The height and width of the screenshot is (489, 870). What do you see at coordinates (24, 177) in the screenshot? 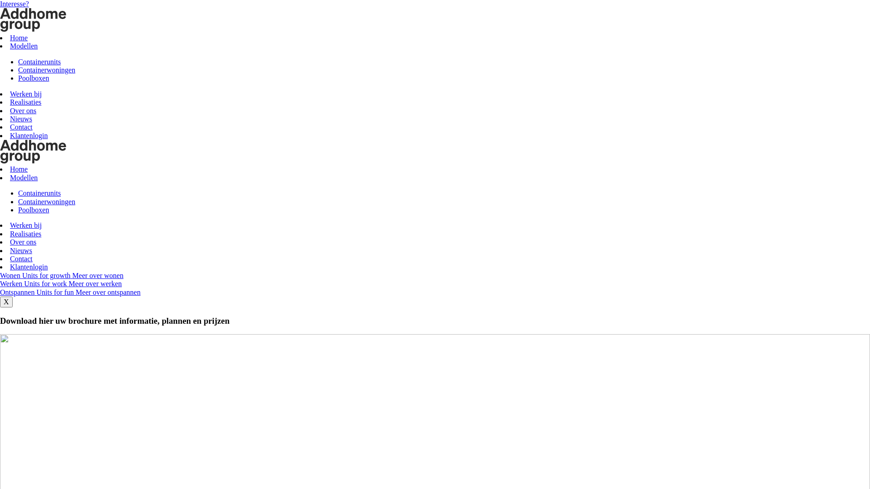
I see `'Modellen'` at bounding box center [24, 177].